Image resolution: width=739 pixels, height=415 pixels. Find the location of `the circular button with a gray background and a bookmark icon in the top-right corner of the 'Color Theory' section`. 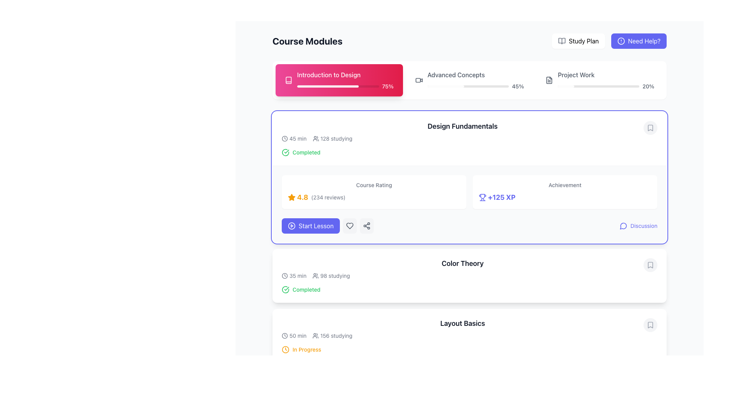

the circular button with a gray background and a bookmark icon in the top-right corner of the 'Color Theory' section is located at coordinates (650, 265).